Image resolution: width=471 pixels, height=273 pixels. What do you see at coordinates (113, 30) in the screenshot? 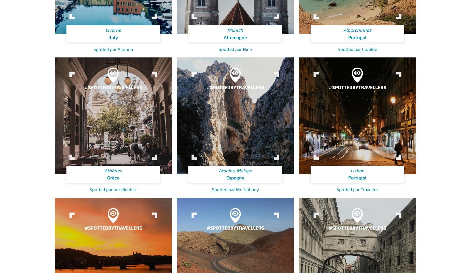
I see `'Livorno'` at bounding box center [113, 30].